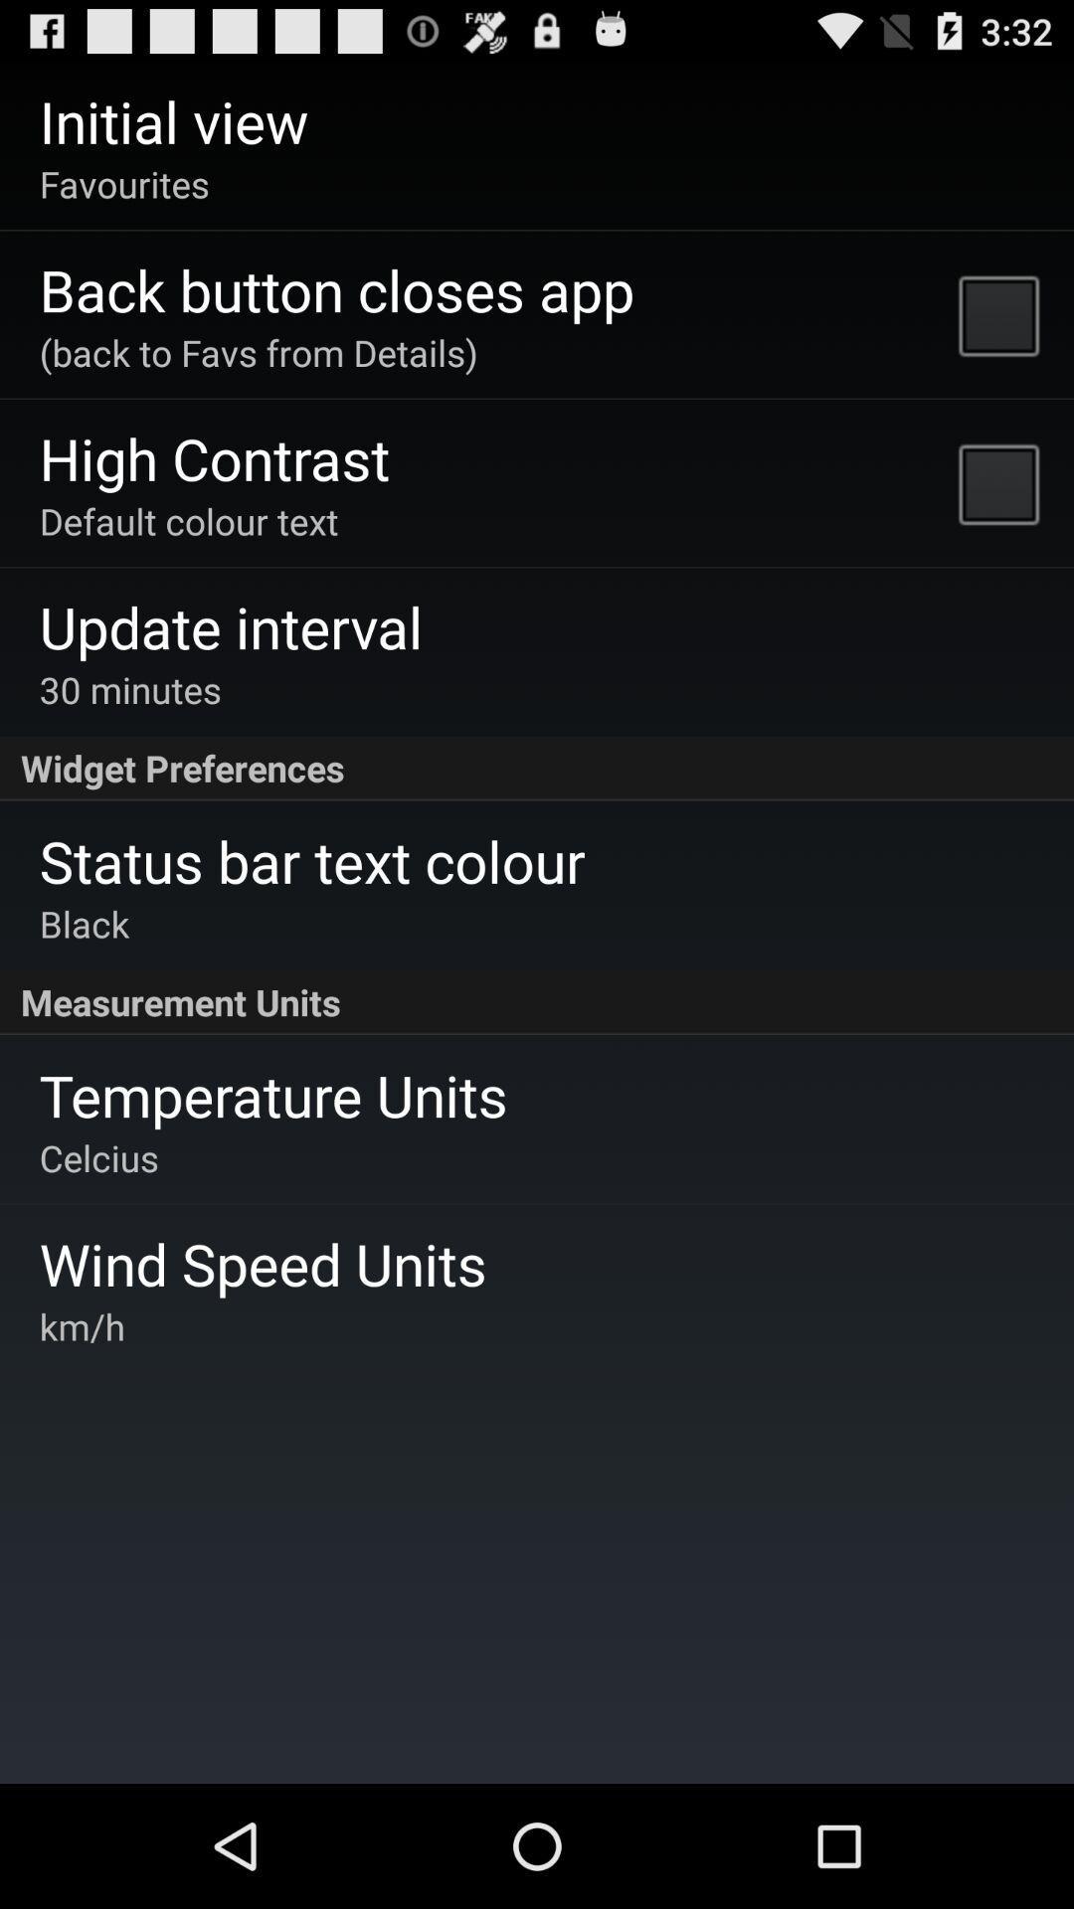  What do you see at coordinates (81, 1326) in the screenshot?
I see `icon below wind speed units app` at bounding box center [81, 1326].